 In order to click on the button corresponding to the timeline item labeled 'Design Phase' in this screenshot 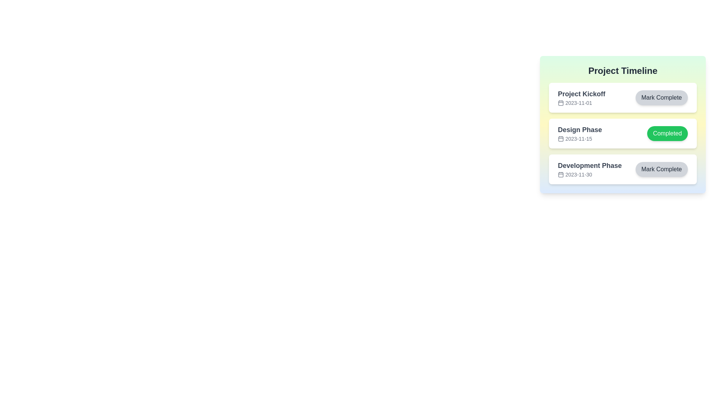, I will do `click(667, 133)`.